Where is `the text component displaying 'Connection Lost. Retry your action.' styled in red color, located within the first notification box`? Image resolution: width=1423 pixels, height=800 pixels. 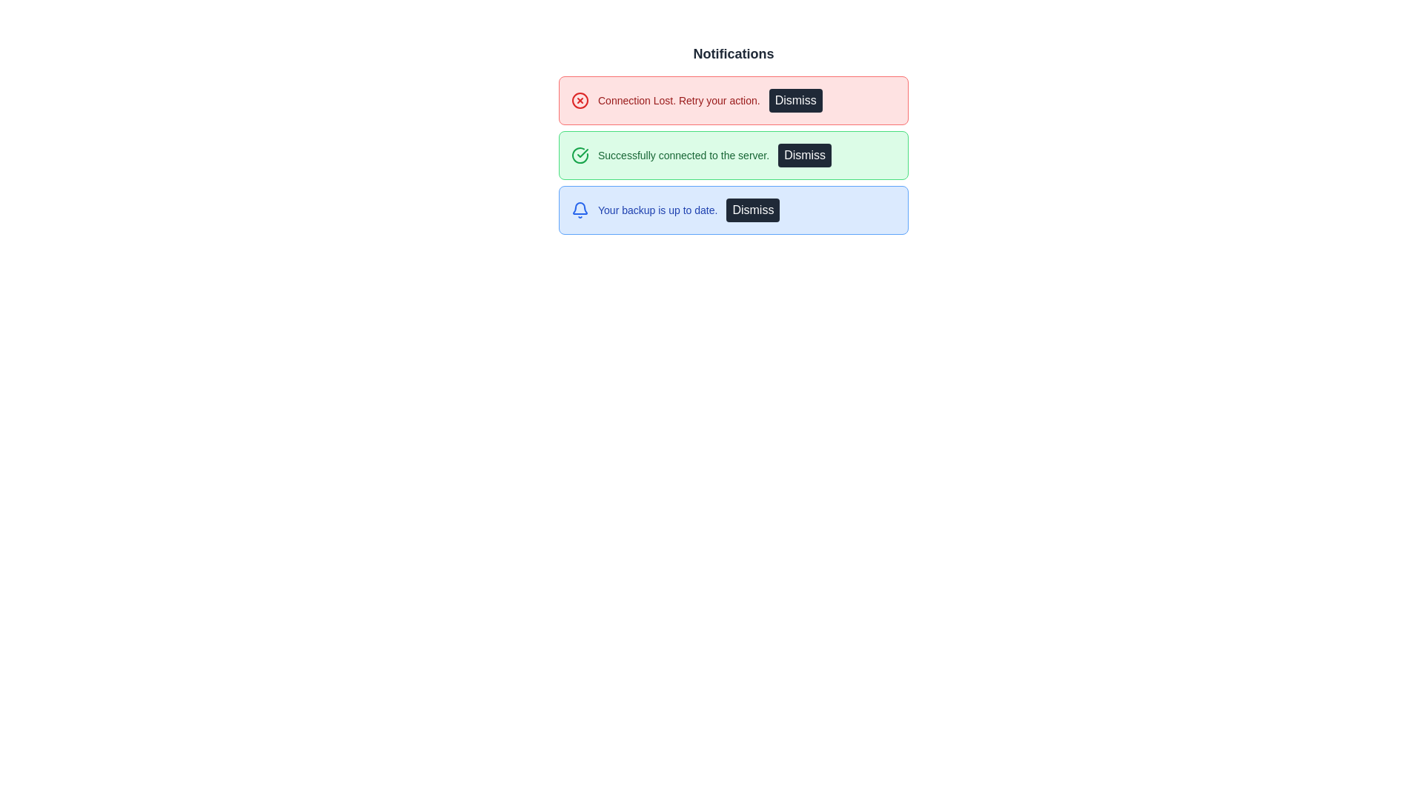
the text component displaying 'Connection Lost. Retry your action.' styled in red color, located within the first notification box is located at coordinates (678, 100).